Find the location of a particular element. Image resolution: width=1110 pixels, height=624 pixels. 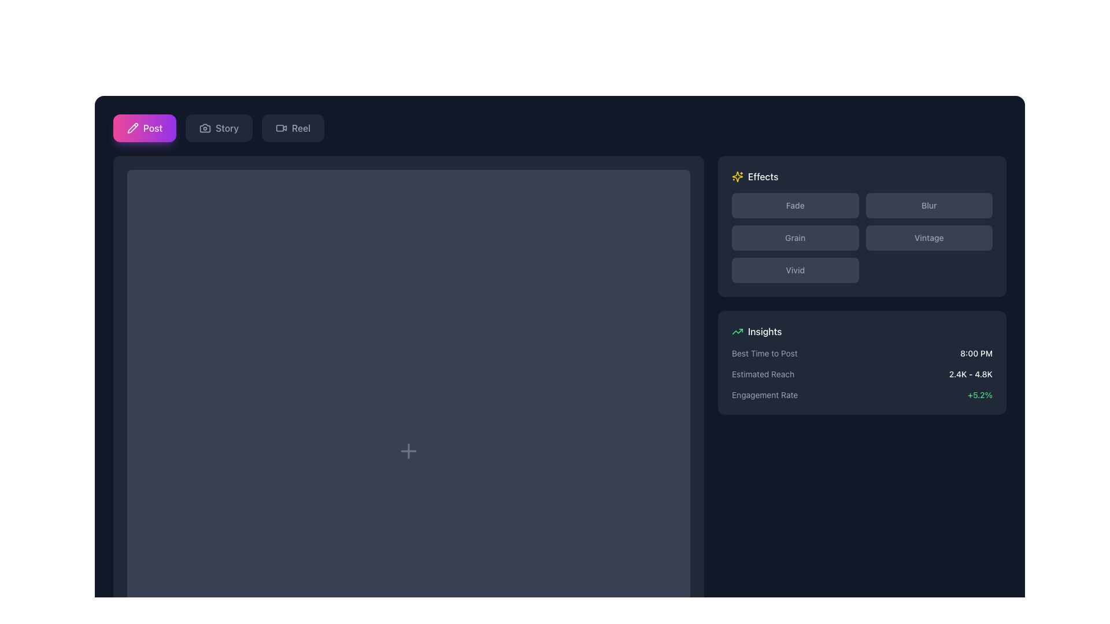

the 'Blur' button, which is the second button in the grid layout located on the right side in the first row is located at coordinates (929, 205).